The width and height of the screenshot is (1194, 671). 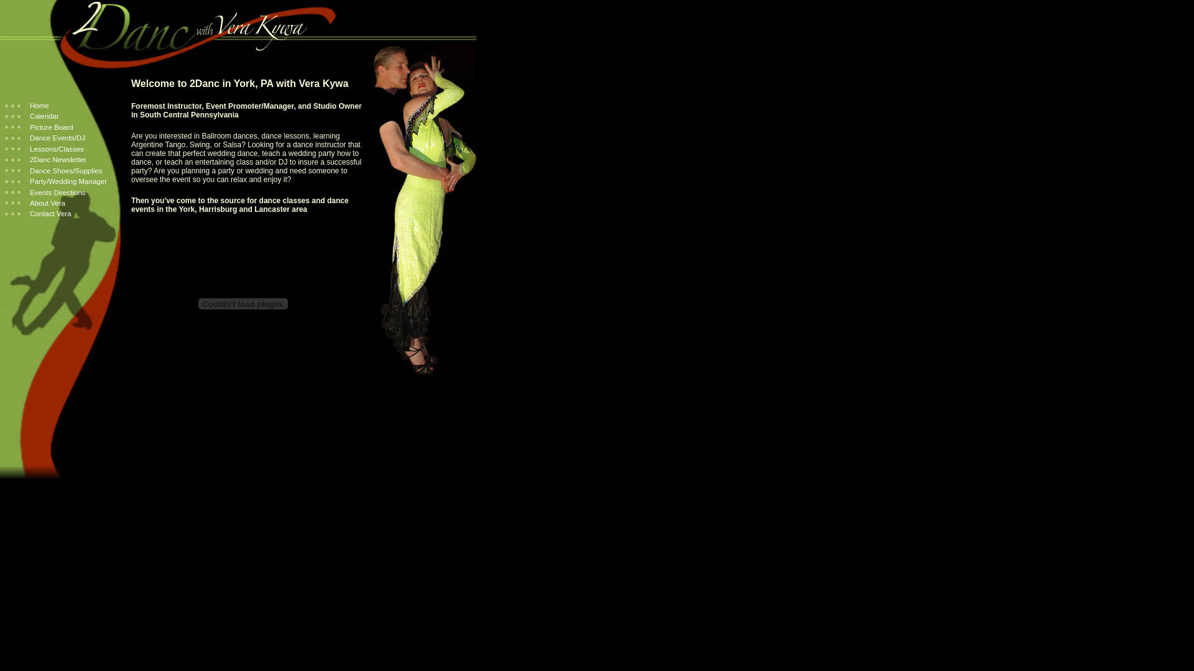 What do you see at coordinates (53, 170) in the screenshot?
I see `'Dance Shoes/Supplies'` at bounding box center [53, 170].